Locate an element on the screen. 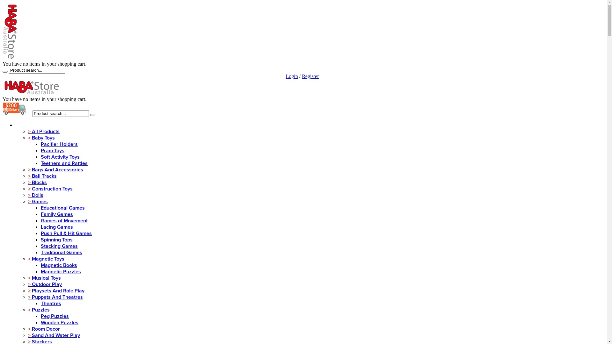 This screenshot has width=612, height=344. '> Playsets And Role Play' is located at coordinates (56, 291).